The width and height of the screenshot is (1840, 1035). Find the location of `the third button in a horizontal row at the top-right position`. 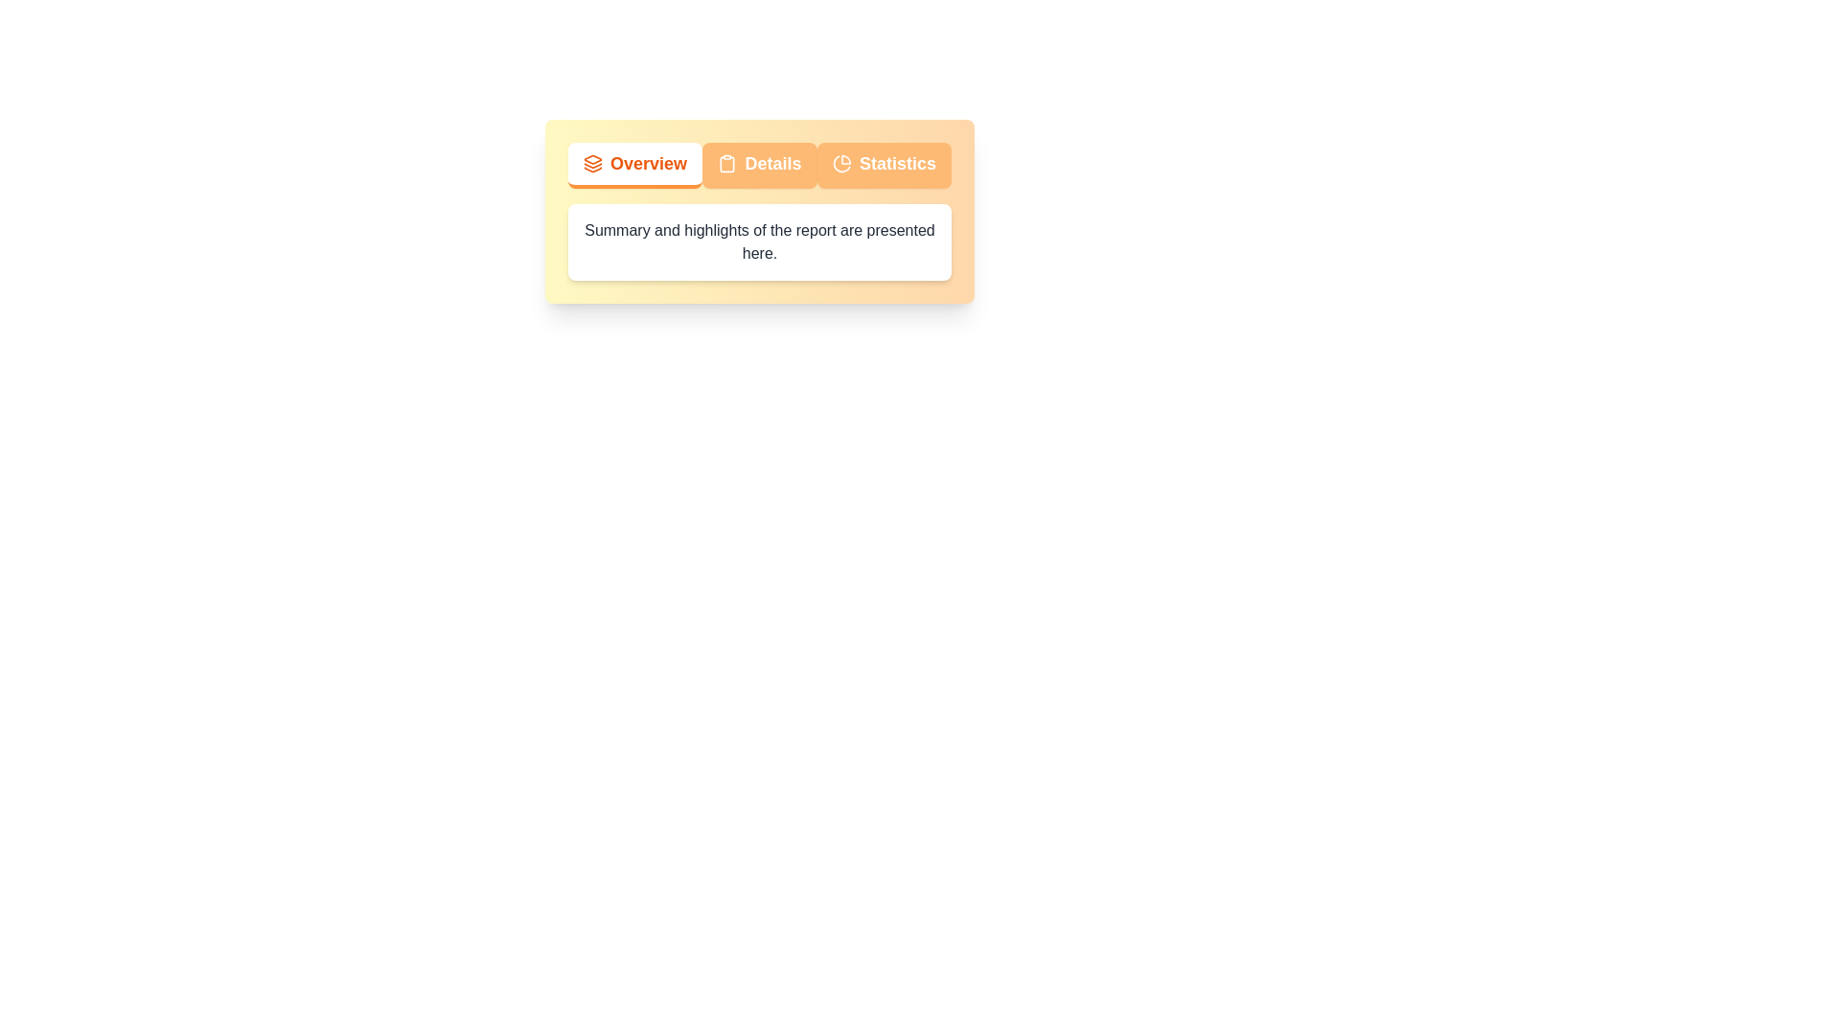

the third button in a horizontal row at the top-right position is located at coordinates (883, 165).